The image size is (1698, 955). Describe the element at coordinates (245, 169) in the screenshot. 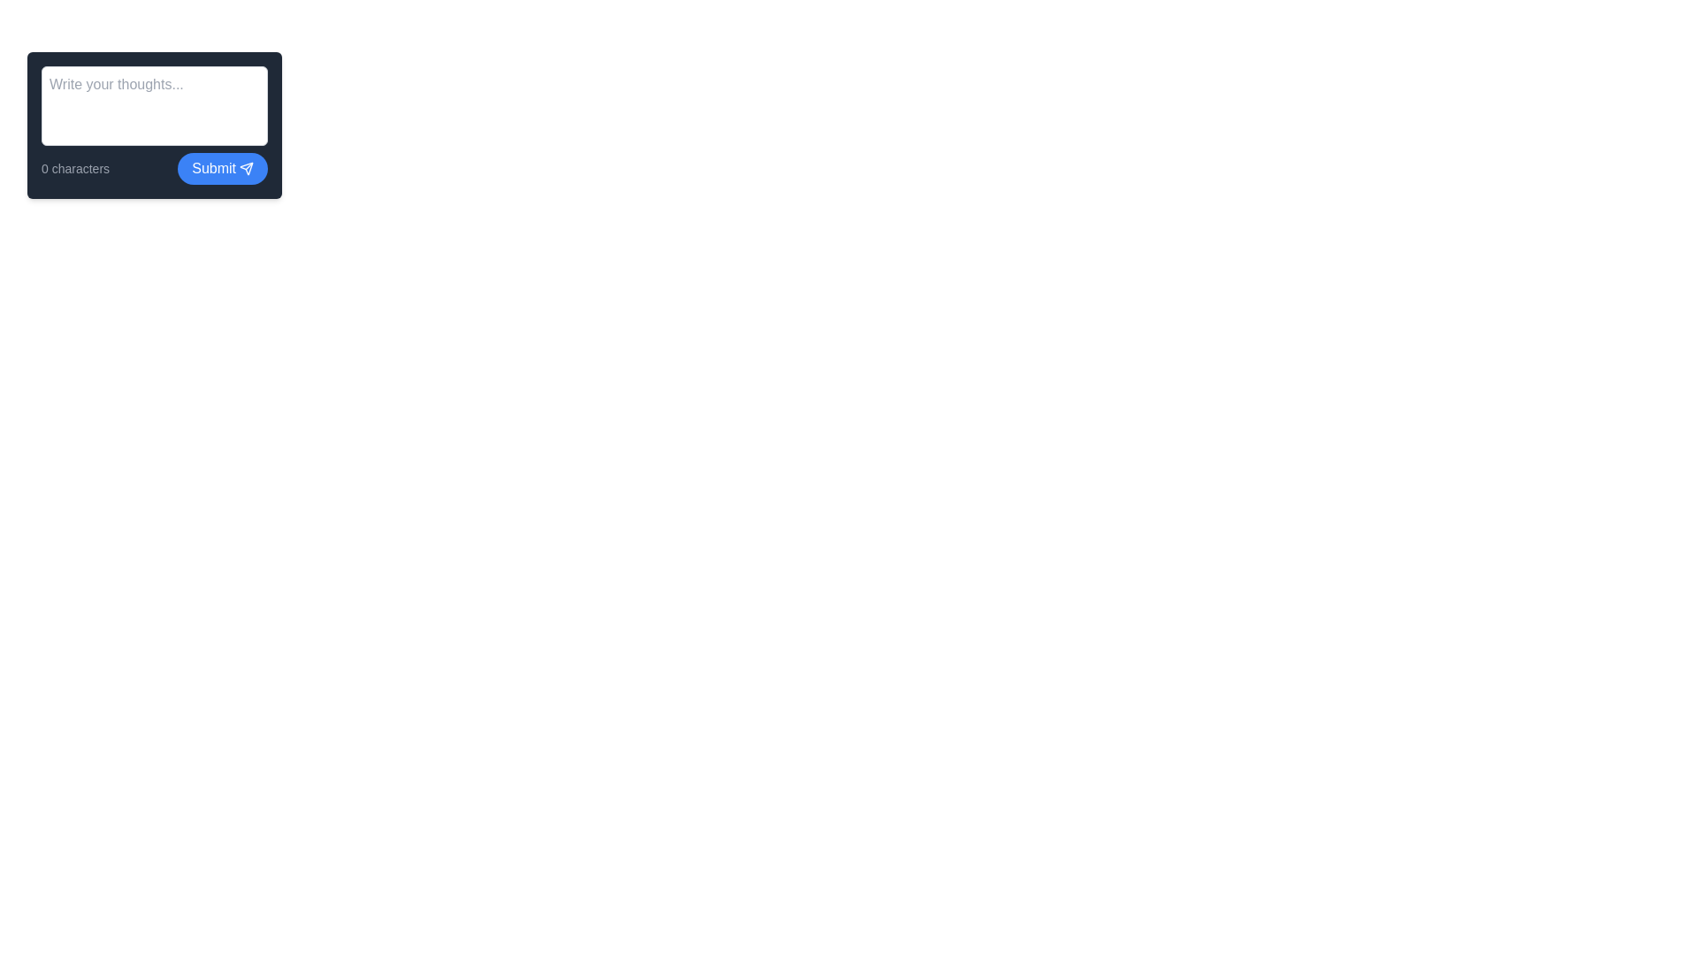

I see `the blue-colored 'Submit' button that contains the triangular arrowhead SVG icon` at that location.